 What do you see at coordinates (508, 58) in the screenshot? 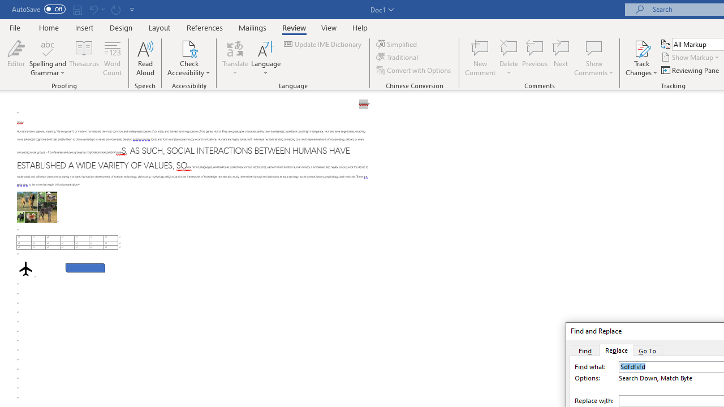
I see `'Delete'` at bounding box center [508, 58].